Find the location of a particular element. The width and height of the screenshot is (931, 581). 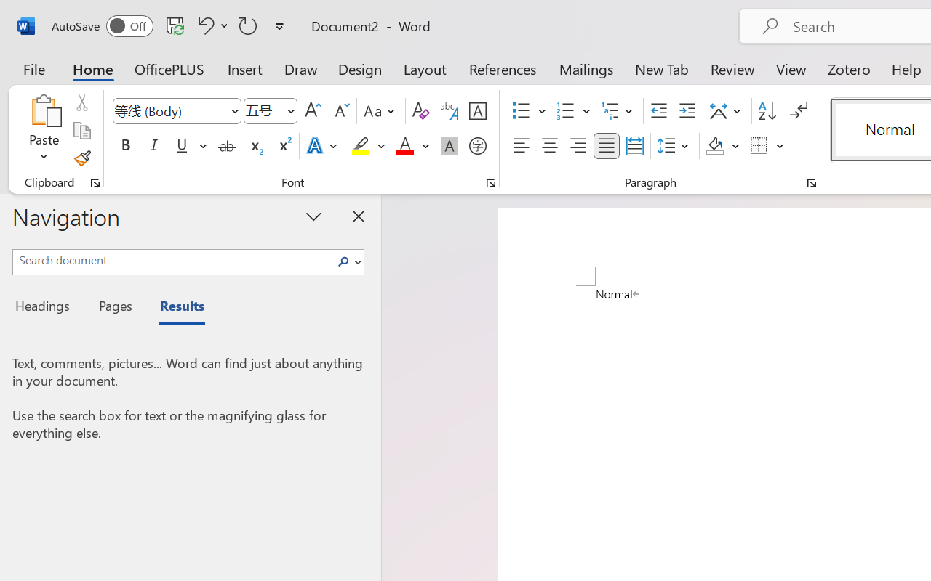

'Sort...' is located at coordinates (766, 111).